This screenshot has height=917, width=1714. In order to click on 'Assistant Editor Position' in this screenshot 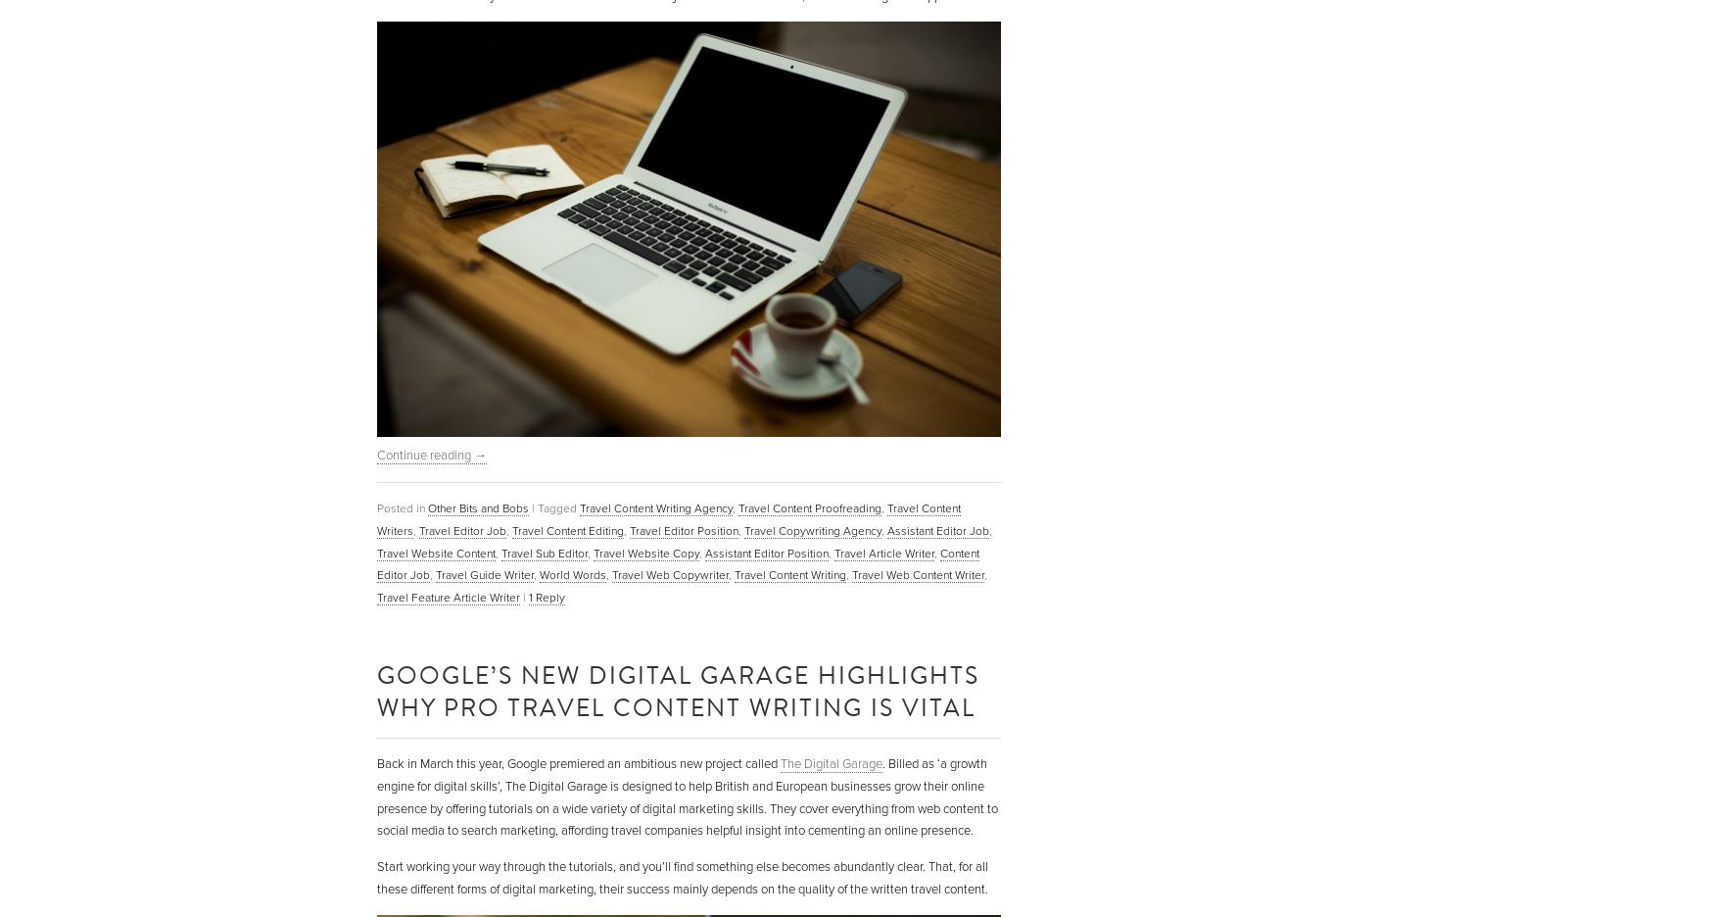, I will do `click(765, 552)`.